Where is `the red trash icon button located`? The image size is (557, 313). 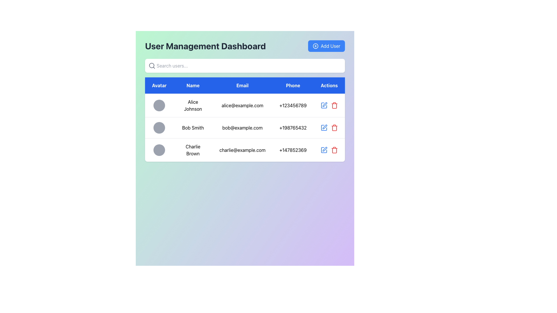
the red trash icon button located is located at coordinates (334, 127).